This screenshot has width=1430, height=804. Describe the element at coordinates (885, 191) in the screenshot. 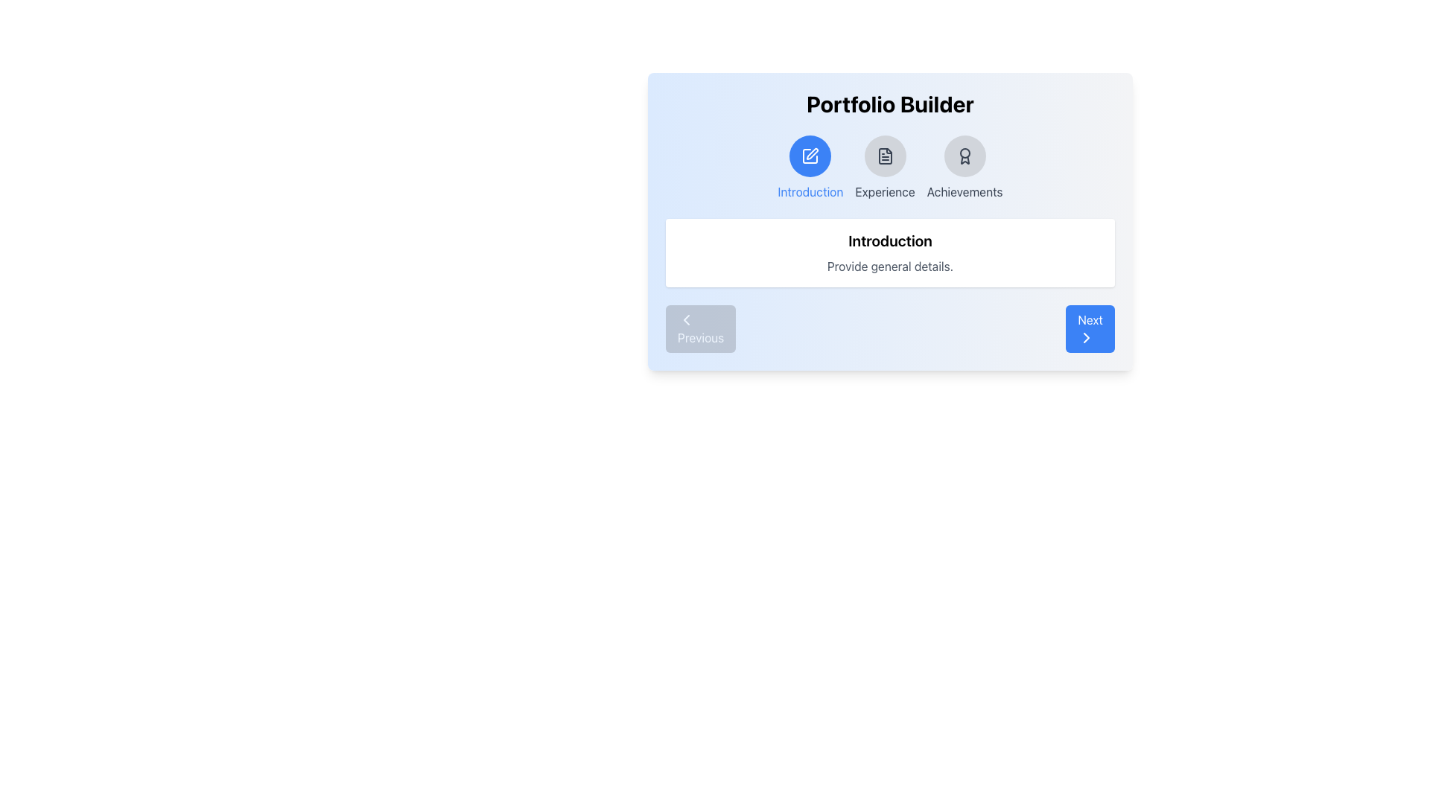

I see `the 'Experience' text label, which is the second label in the navigation row below the 'Portfolio Builder' title` at that location.